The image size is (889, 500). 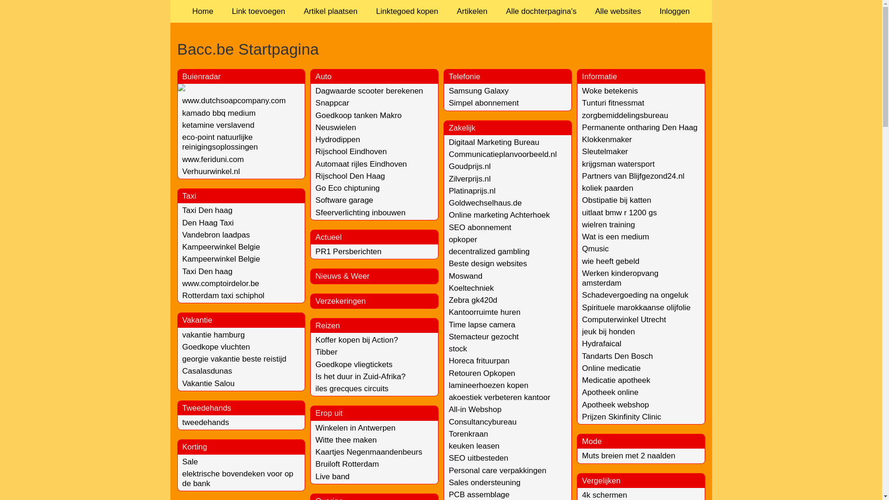 I want to click on 'akoestiek verbeteren kantoor', so click(x=449, y=397).